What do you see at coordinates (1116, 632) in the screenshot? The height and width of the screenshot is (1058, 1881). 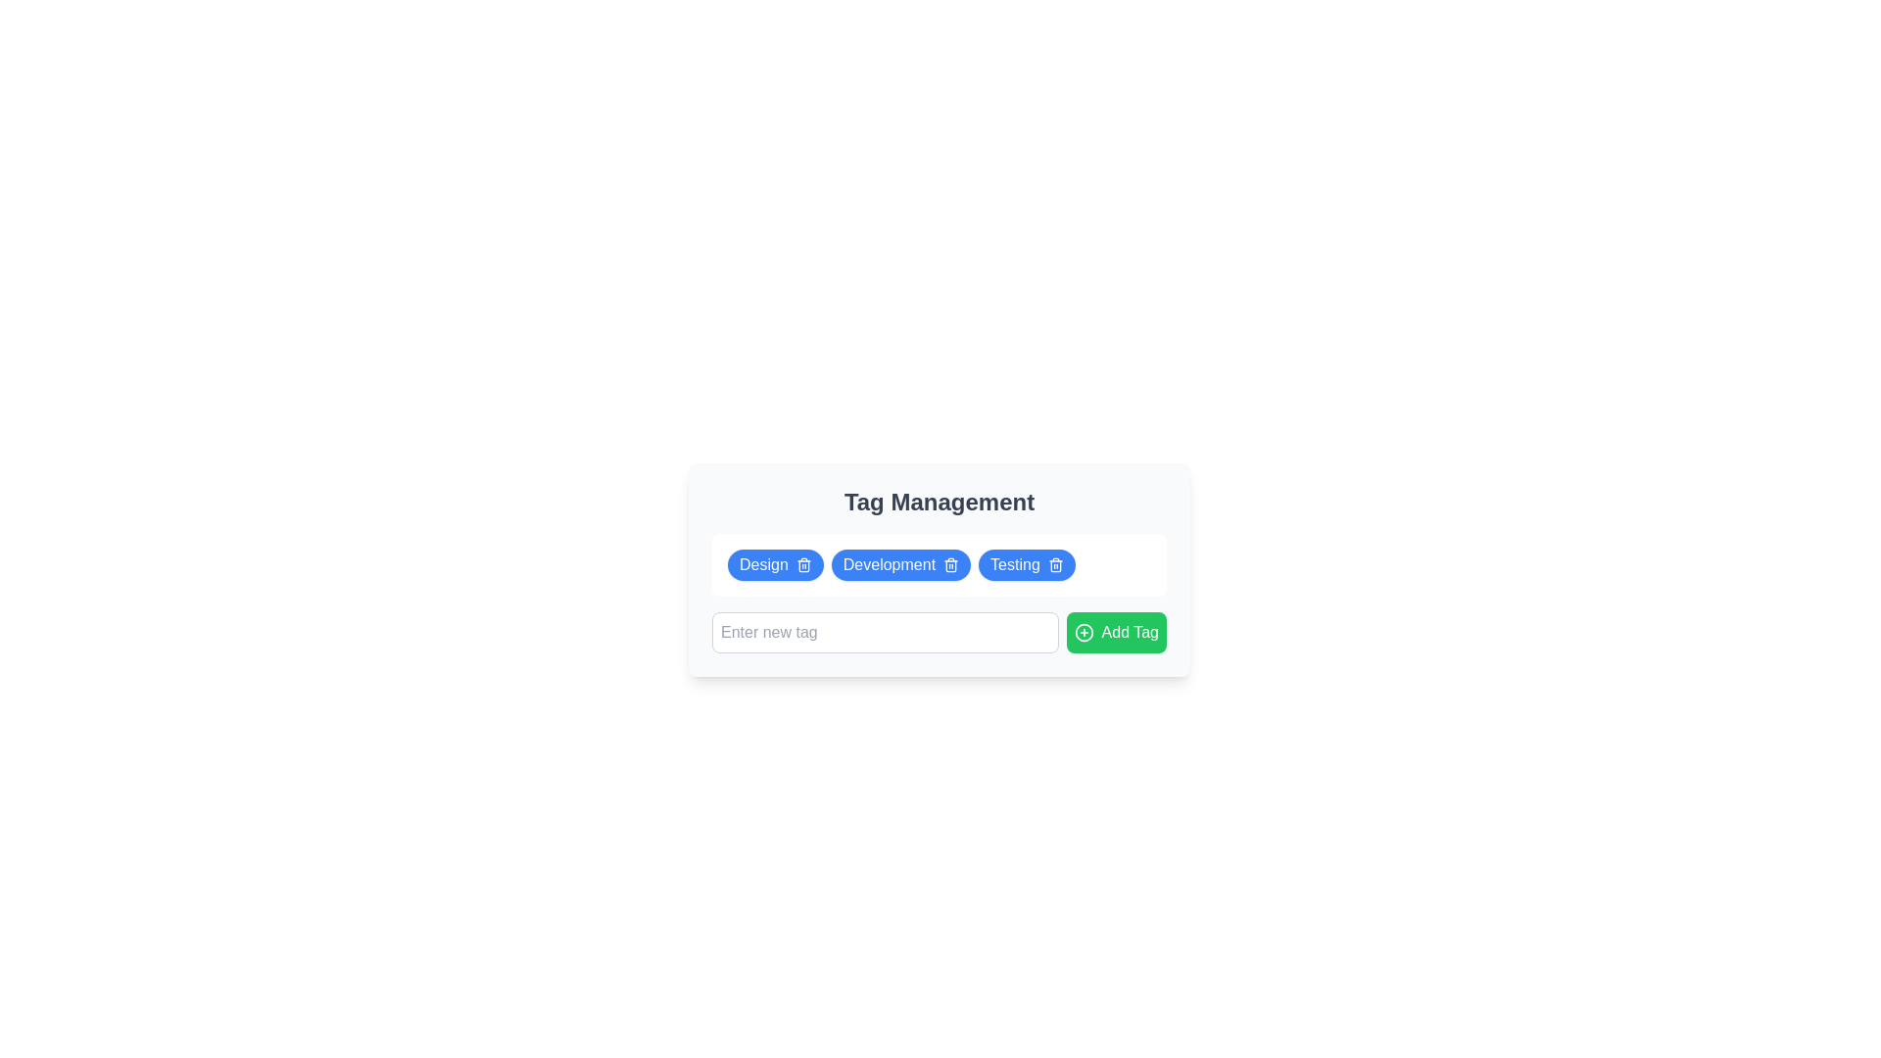 I see `the green 'Add Tag' button with rounded corners` at bounding box center [1116, 632].